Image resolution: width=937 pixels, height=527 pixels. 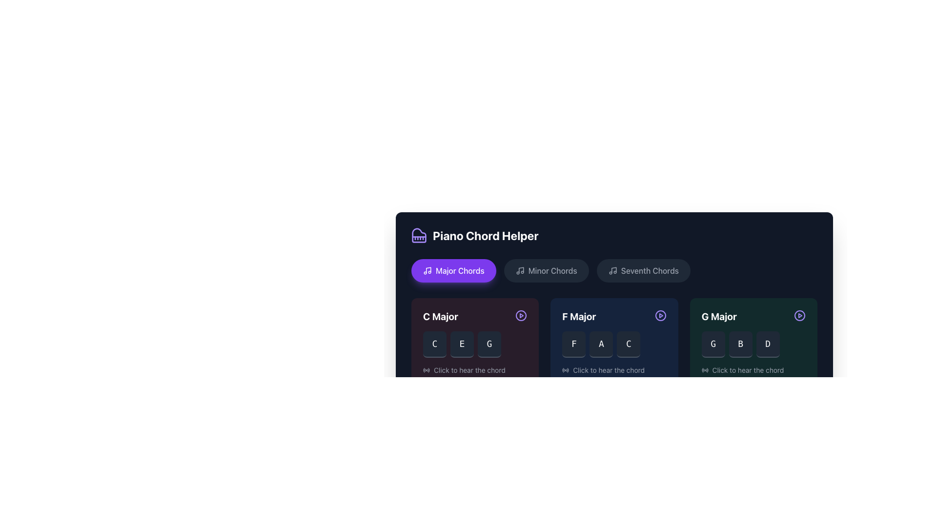 I want to click on the dark rectangular button with rounded corners labeled 'E' in white, located in the 'C Major' section at the bottom-left of the interface, so click(x=461, y=344).